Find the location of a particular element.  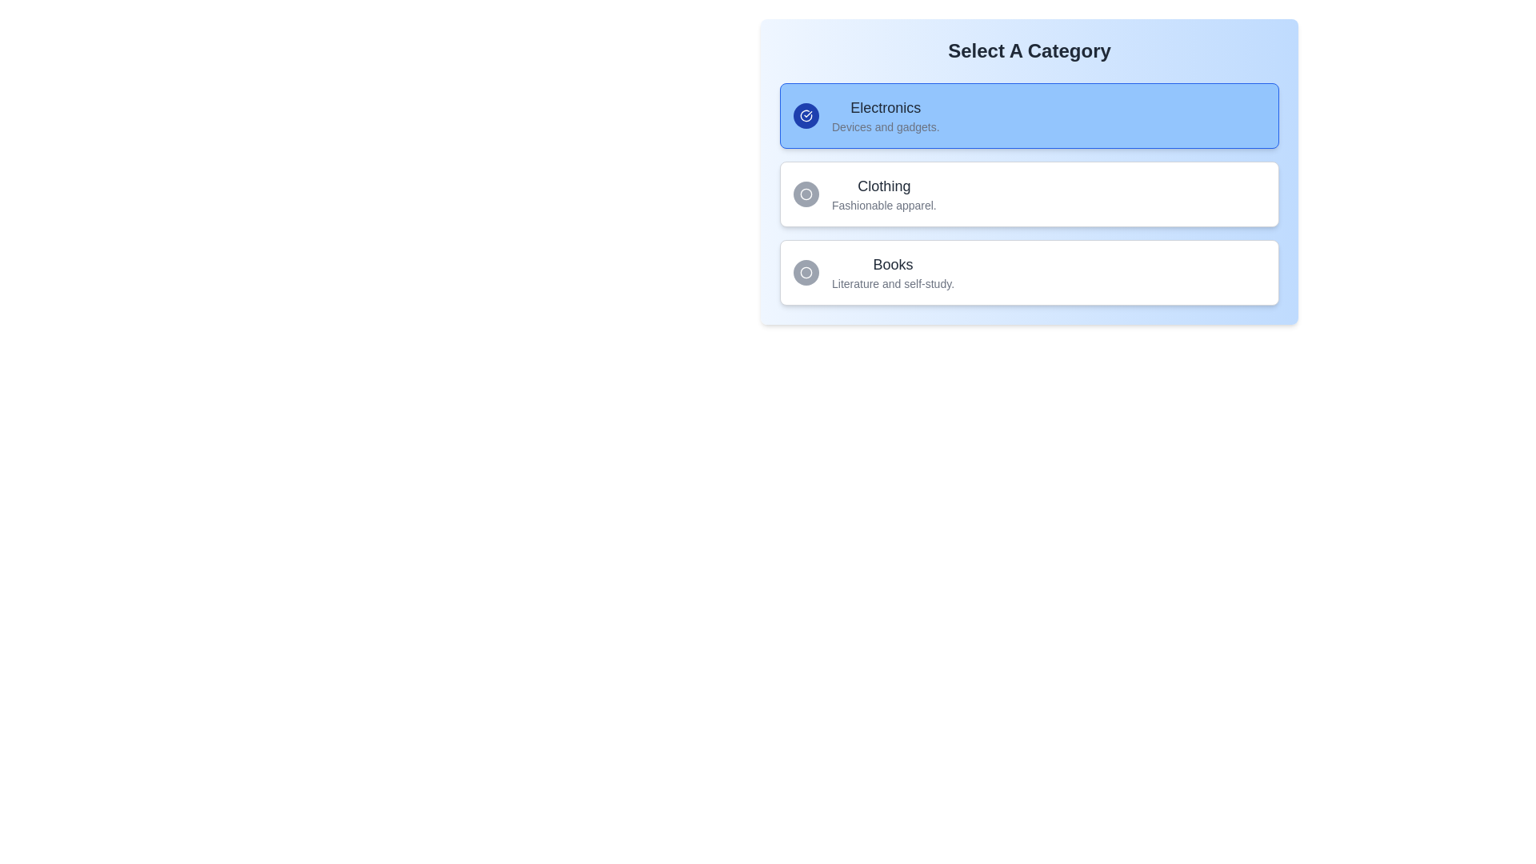

category label located as the header in the third position of the vertical list of category options, situated below 'Electronics' and 'Clothing', and above the subtext 'Literature and self-study' is located at coordinates (892, 264).